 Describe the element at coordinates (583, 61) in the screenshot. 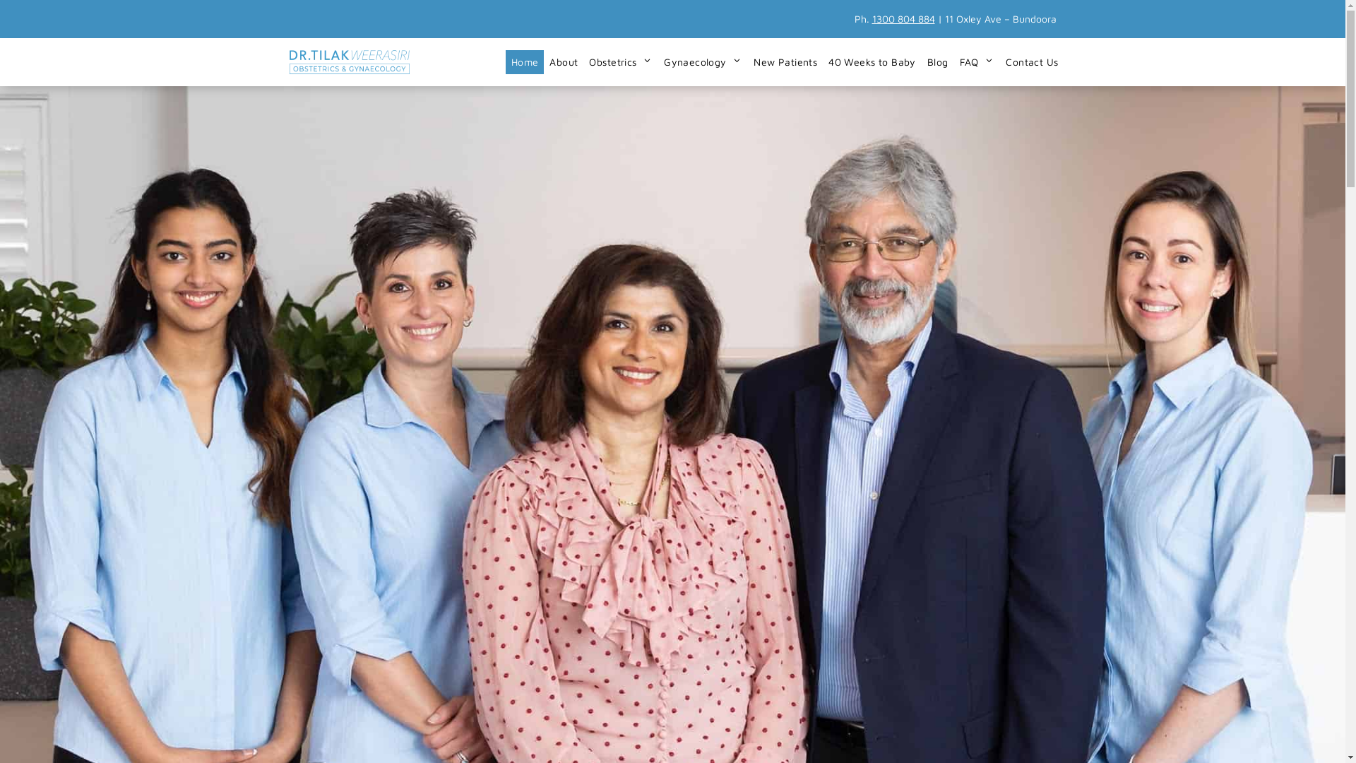

I see `'Obstetrics'` at that location.